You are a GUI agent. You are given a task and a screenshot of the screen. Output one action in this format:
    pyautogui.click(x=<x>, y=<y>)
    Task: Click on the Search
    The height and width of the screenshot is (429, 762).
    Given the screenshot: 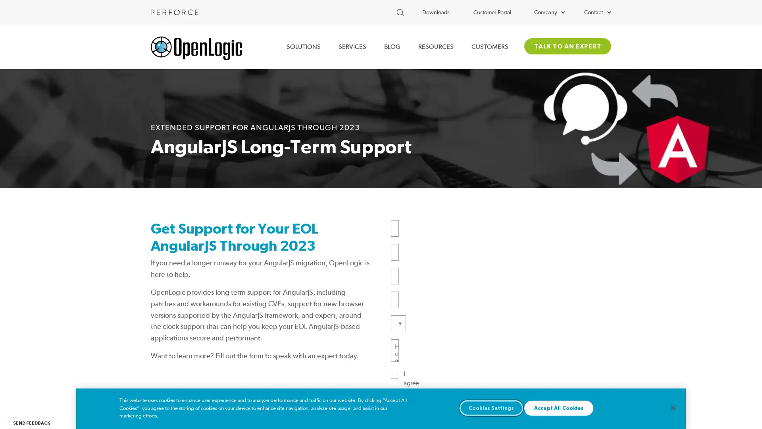 What is the action you would take?
    pyautogui.click(x=420, y=11)
    